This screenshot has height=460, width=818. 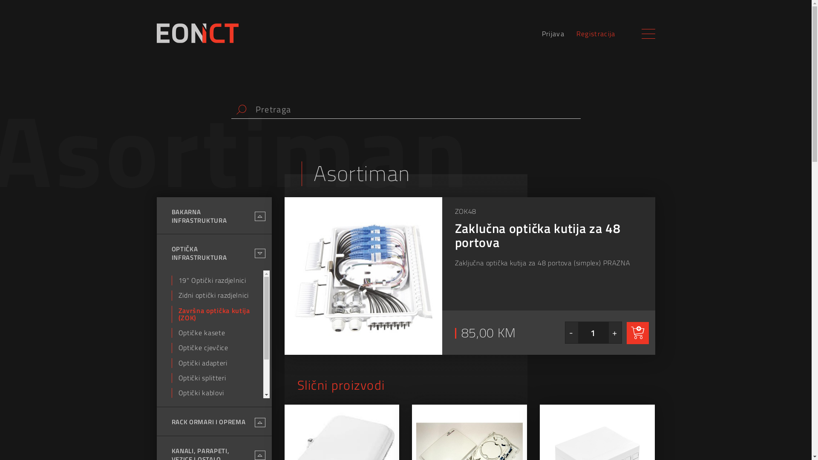 I want to click on 'RACK ORMARI I OPREMA', so click(x=208, y=422).